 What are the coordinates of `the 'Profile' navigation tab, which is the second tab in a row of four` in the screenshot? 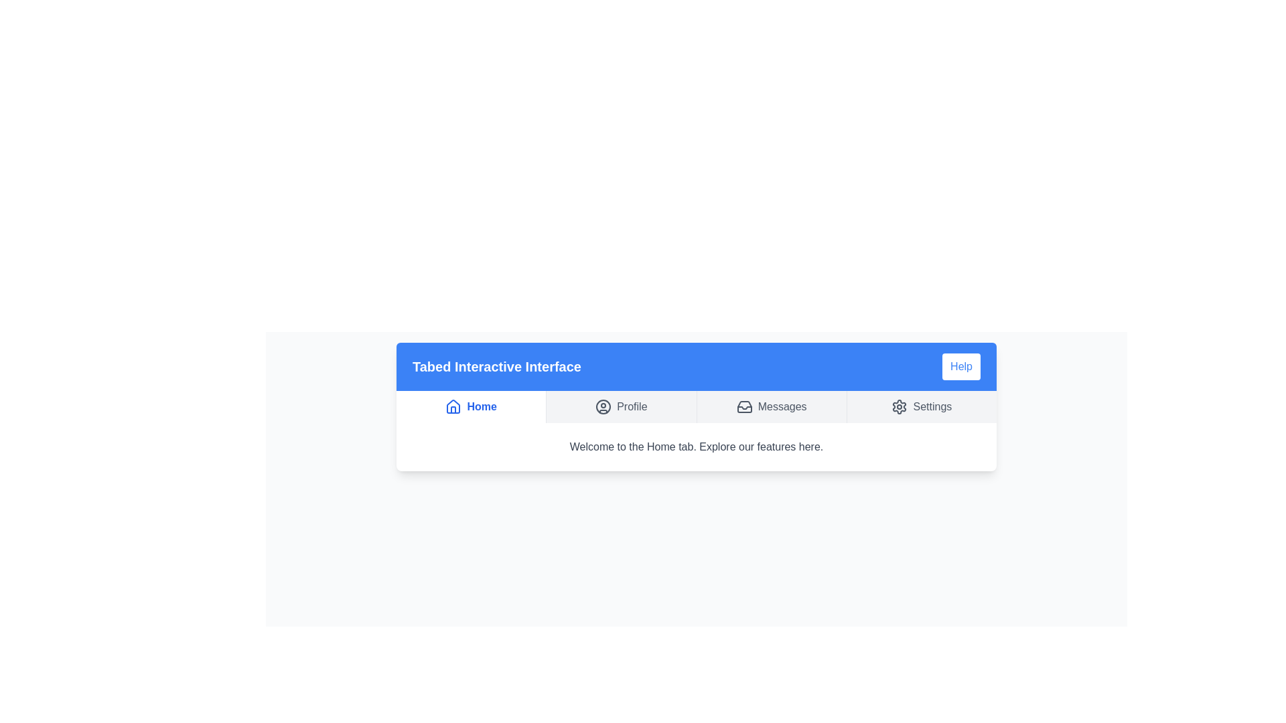 It's located at (620, 406).